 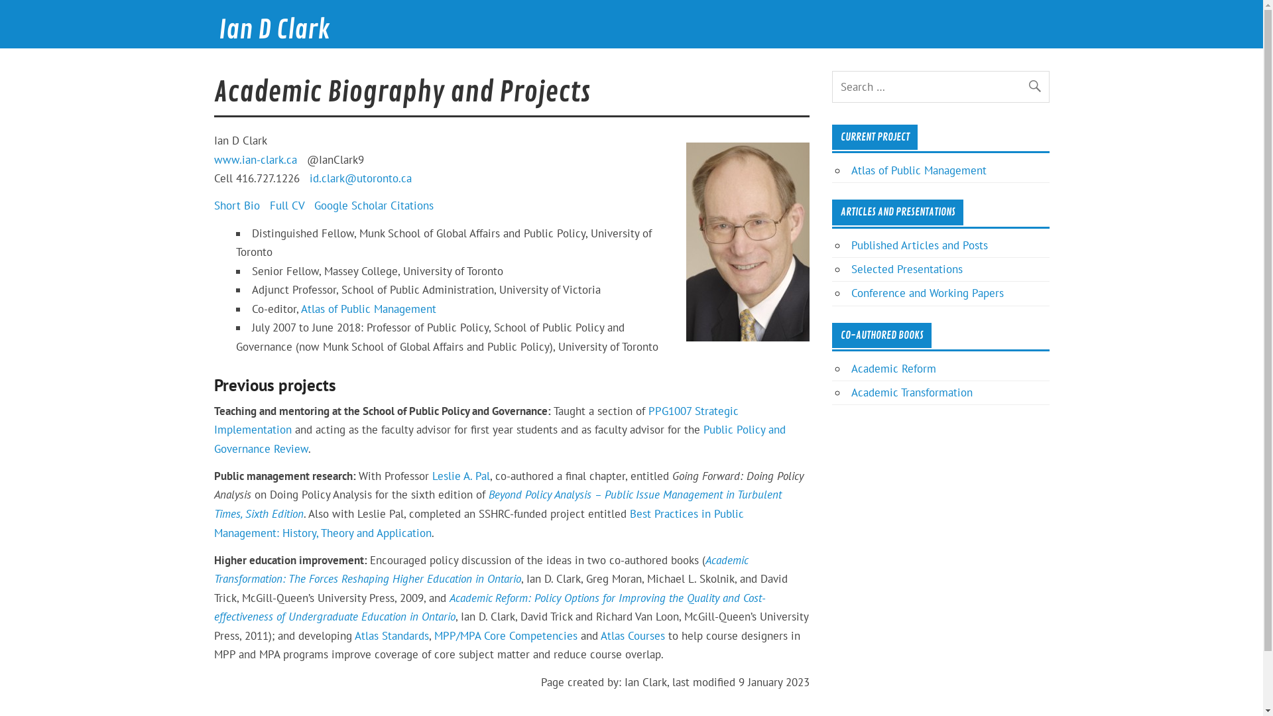 What do you see at coordinates (391, 635) in the screenshot?
I see `'Atlas Standards'` at bounding box center [391, 635].